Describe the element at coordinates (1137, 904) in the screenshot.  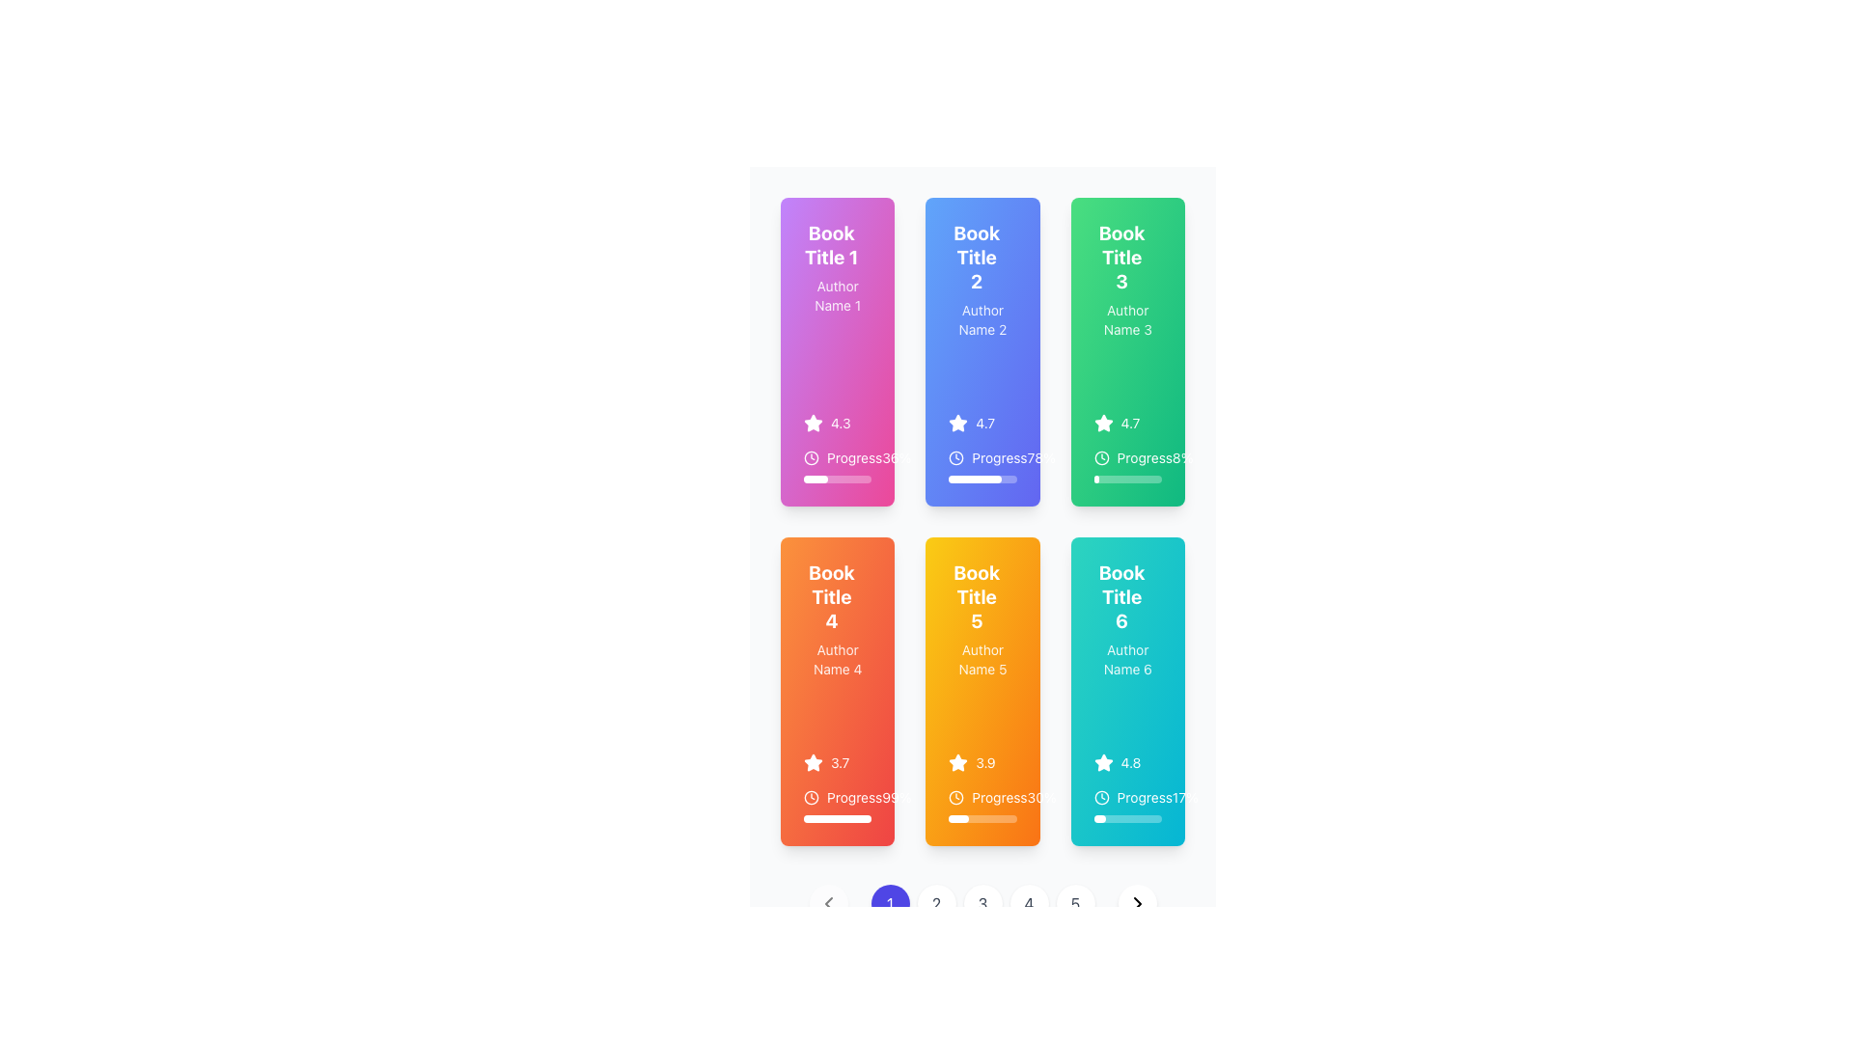
I see `the right-most triangular arrow icon, which is part of the pagination controls` at that location.